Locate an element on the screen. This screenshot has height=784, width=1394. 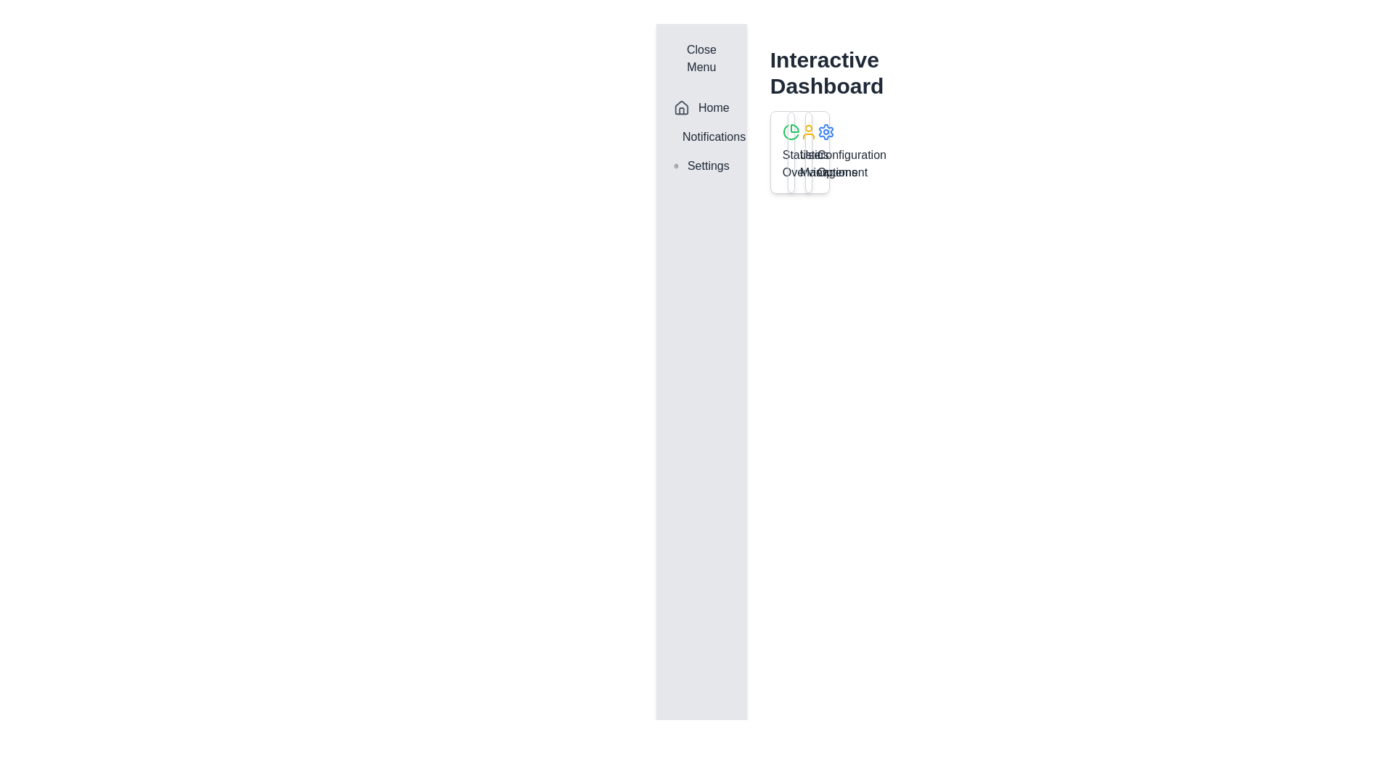
the settings icon, which is a small gray gear-like icon located in the navigation menu on the left side of the interface is located at coordinates (675, 165).